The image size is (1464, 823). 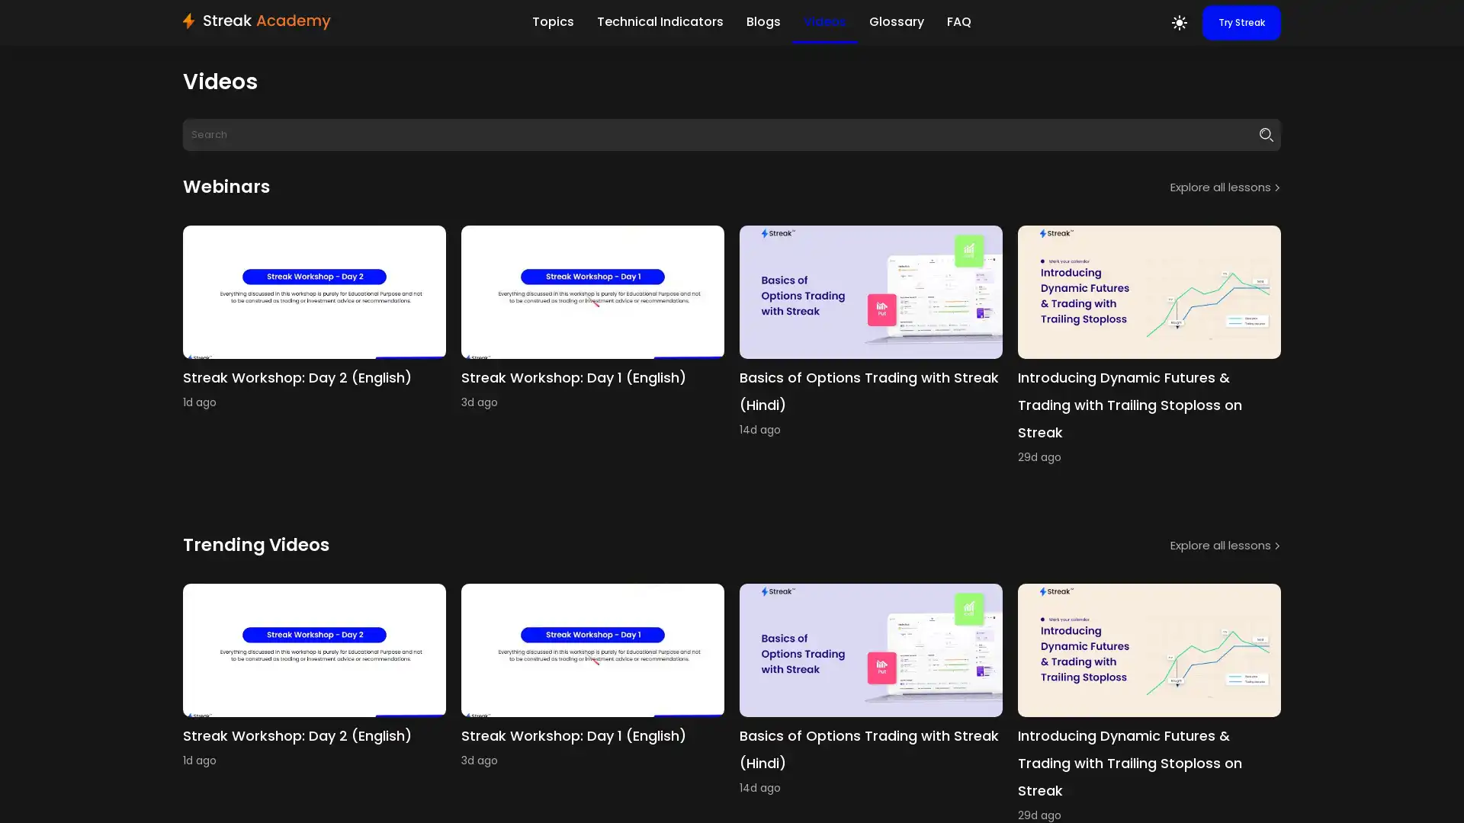 What do you see at coordinates (1225, 186) in the screenshot?
I see `Explore all lessons` at bounding box center [1225, 186].